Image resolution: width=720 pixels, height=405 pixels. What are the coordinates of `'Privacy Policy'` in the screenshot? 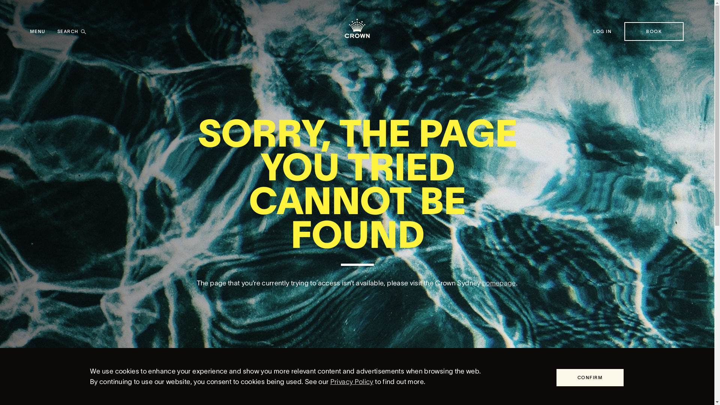 It's located at (351, 382).